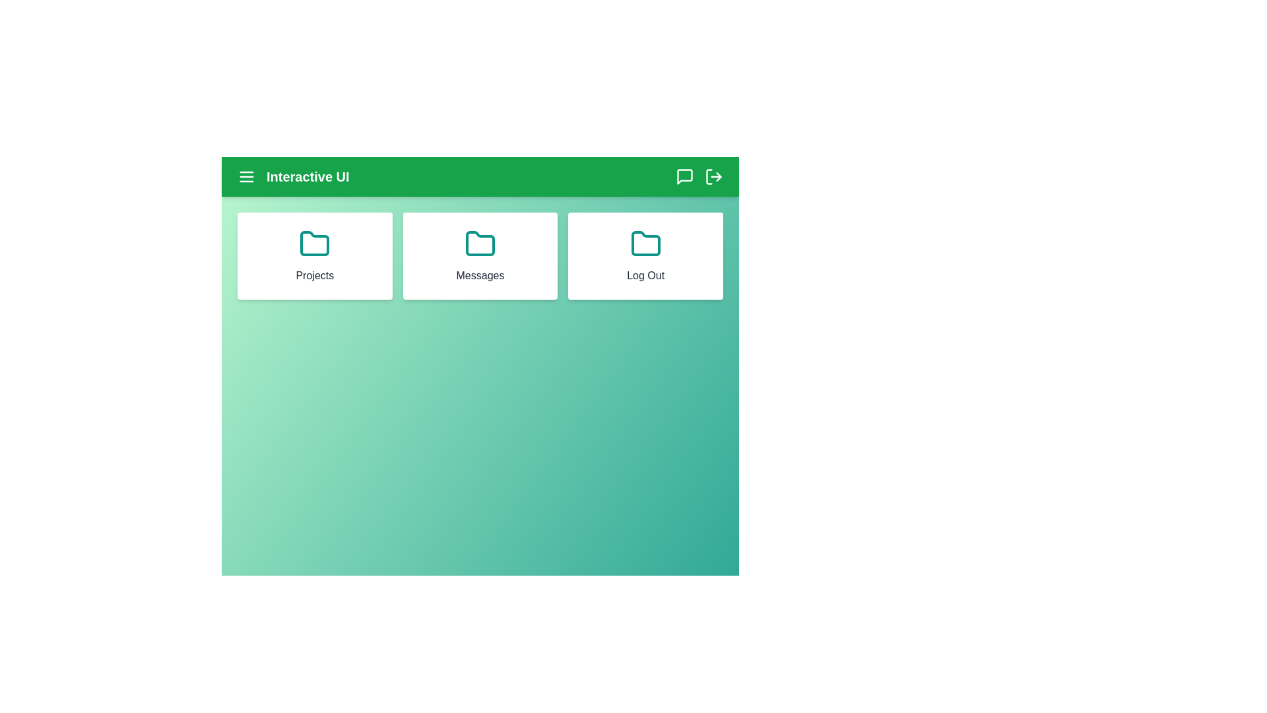 The height and width of the screenshot is (713, 1267). What do you see at coordinates (646, 256) in the screenshot?
I see `the element corresponding to Log Out` at bounding box center [646, 256].